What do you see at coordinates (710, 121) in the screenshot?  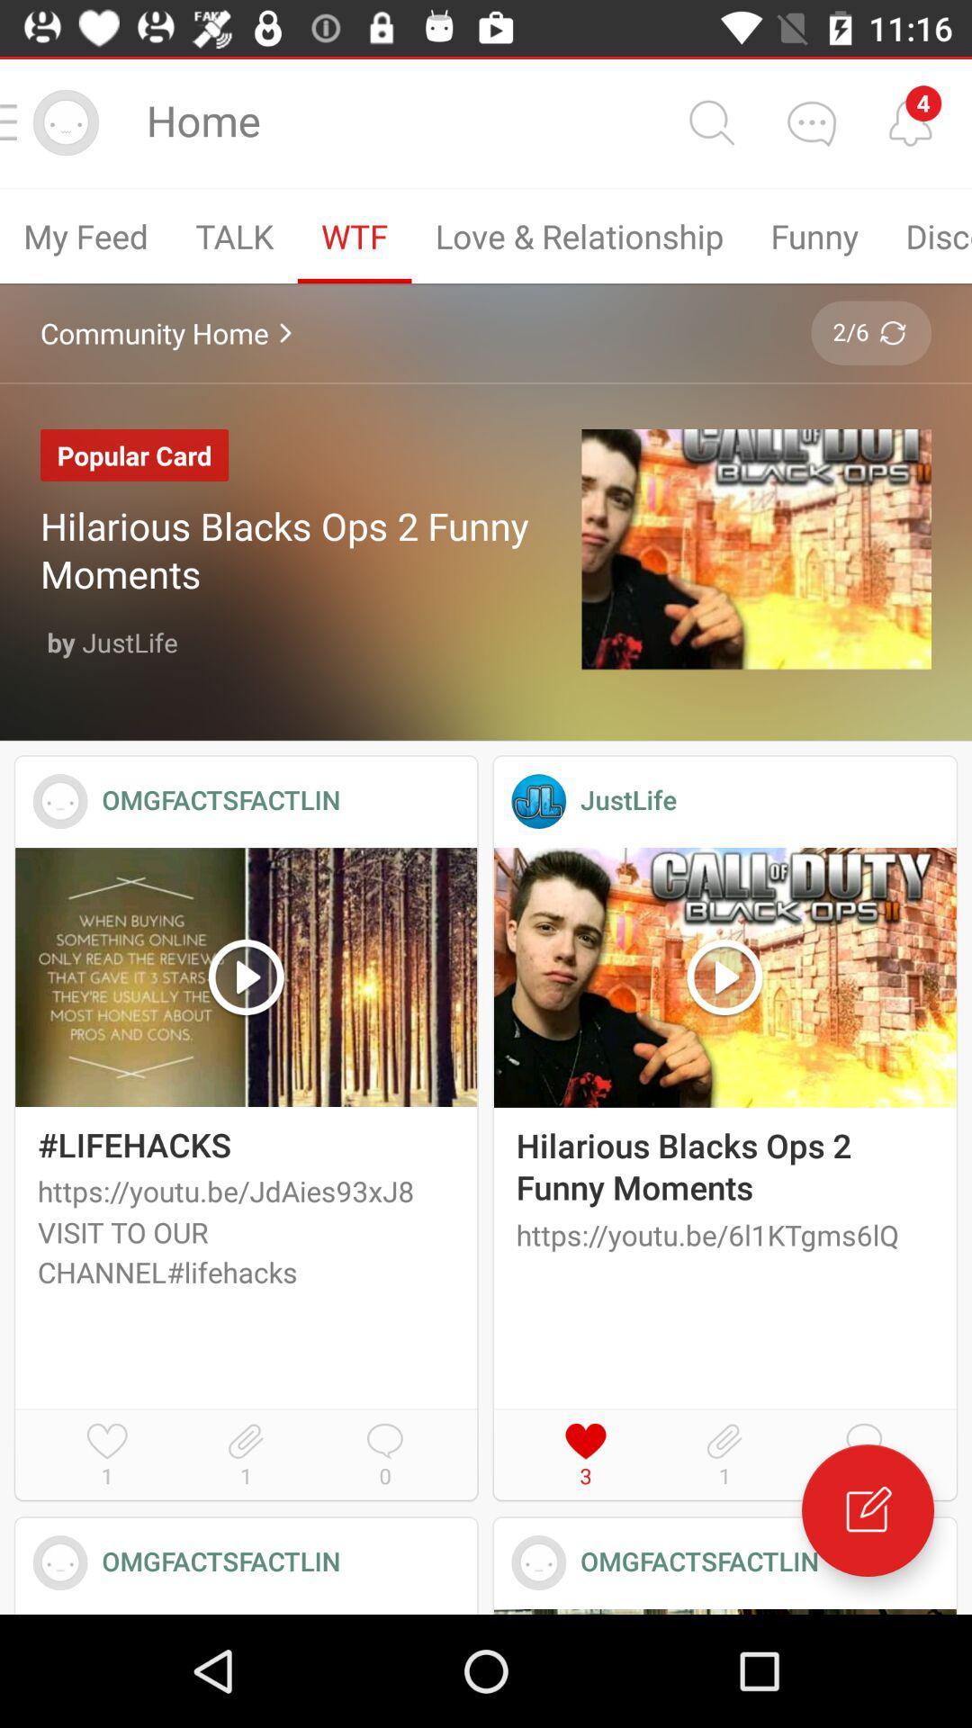 I see `the search icon` at bounding box center [710, 121].